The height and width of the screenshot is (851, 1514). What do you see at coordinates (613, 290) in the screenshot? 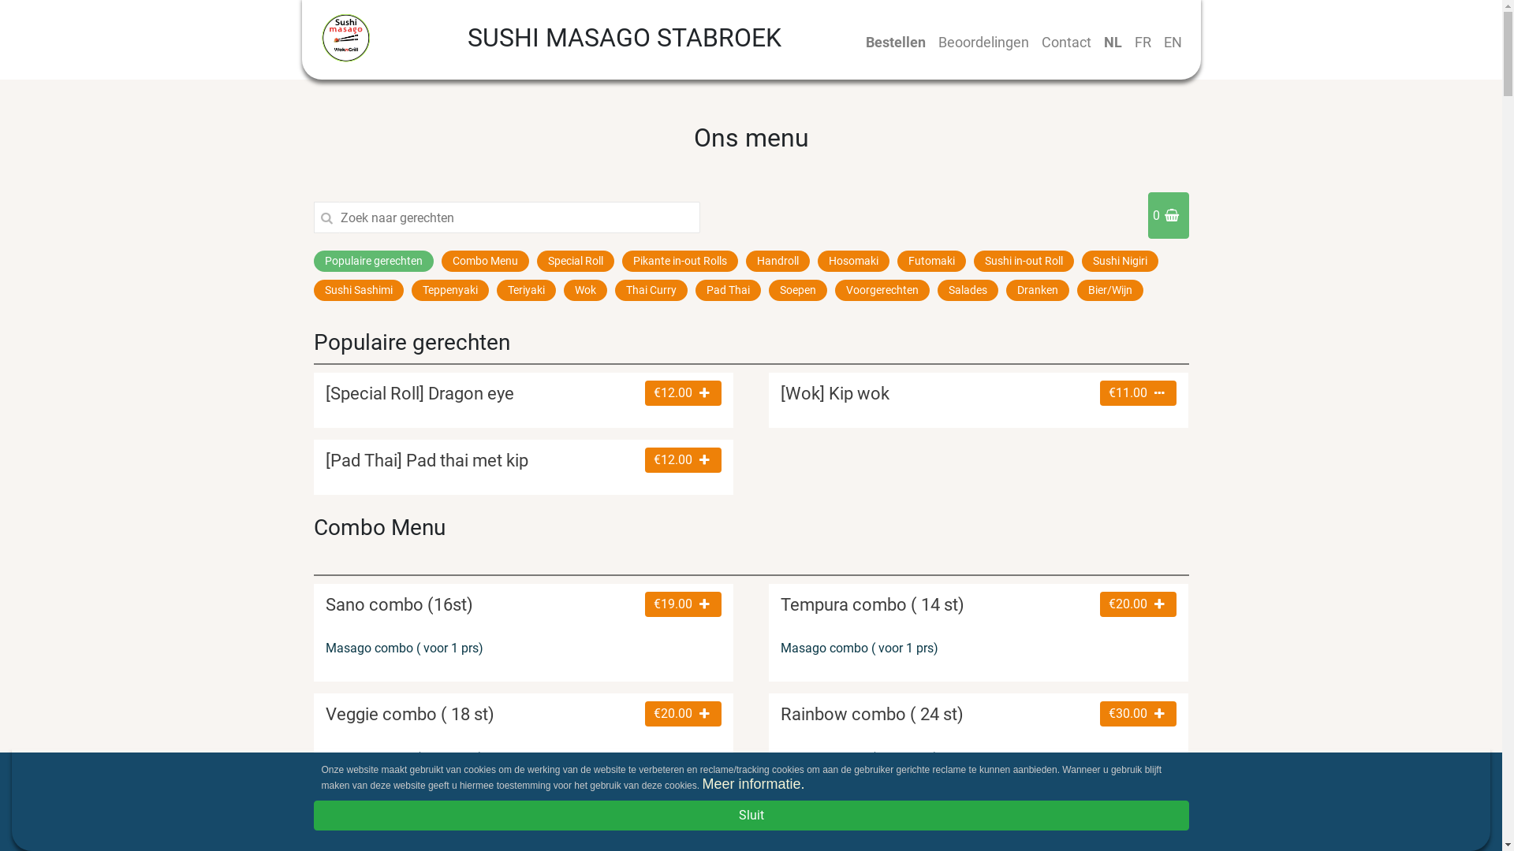
I see `'Thai Curry'` at bounding box center [613, 290].